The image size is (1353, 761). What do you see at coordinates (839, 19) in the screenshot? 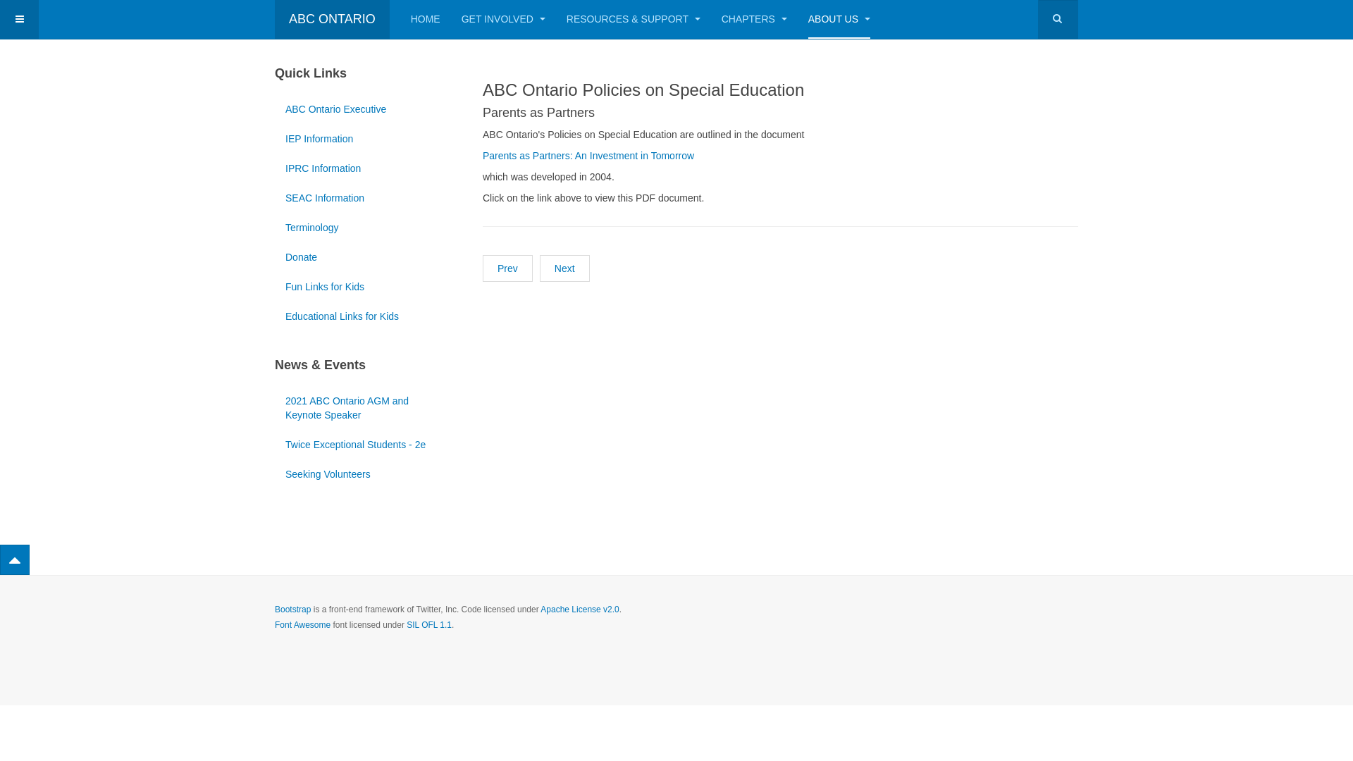
I see `'ABOUT US'` at bounding box center [839, 19].